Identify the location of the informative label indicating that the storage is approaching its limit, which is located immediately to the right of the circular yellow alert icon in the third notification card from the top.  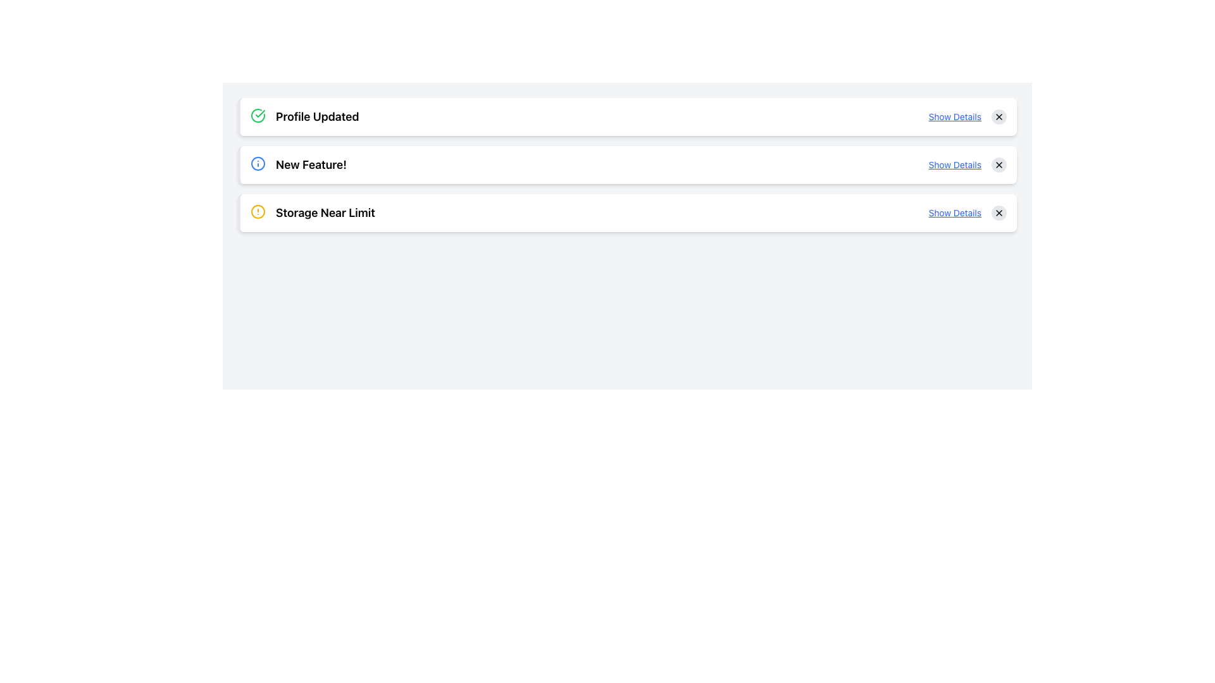
(313, 212).